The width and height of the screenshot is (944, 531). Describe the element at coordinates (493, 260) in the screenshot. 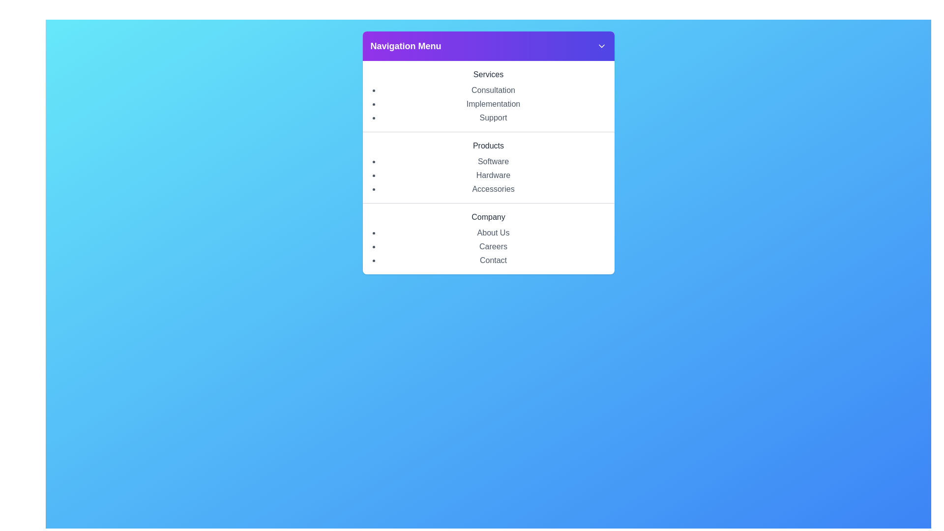

I see `the menu option Contact within the category Company` at that location.